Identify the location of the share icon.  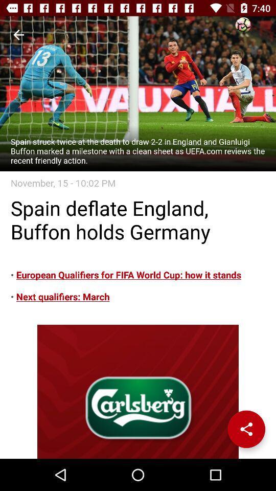
(246, 429).